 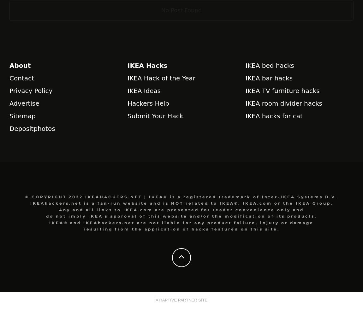 What do you see at coordinates (148, 103) in the screenshot?
I see `'Hackers Help'` at bounding box center [148, 103].